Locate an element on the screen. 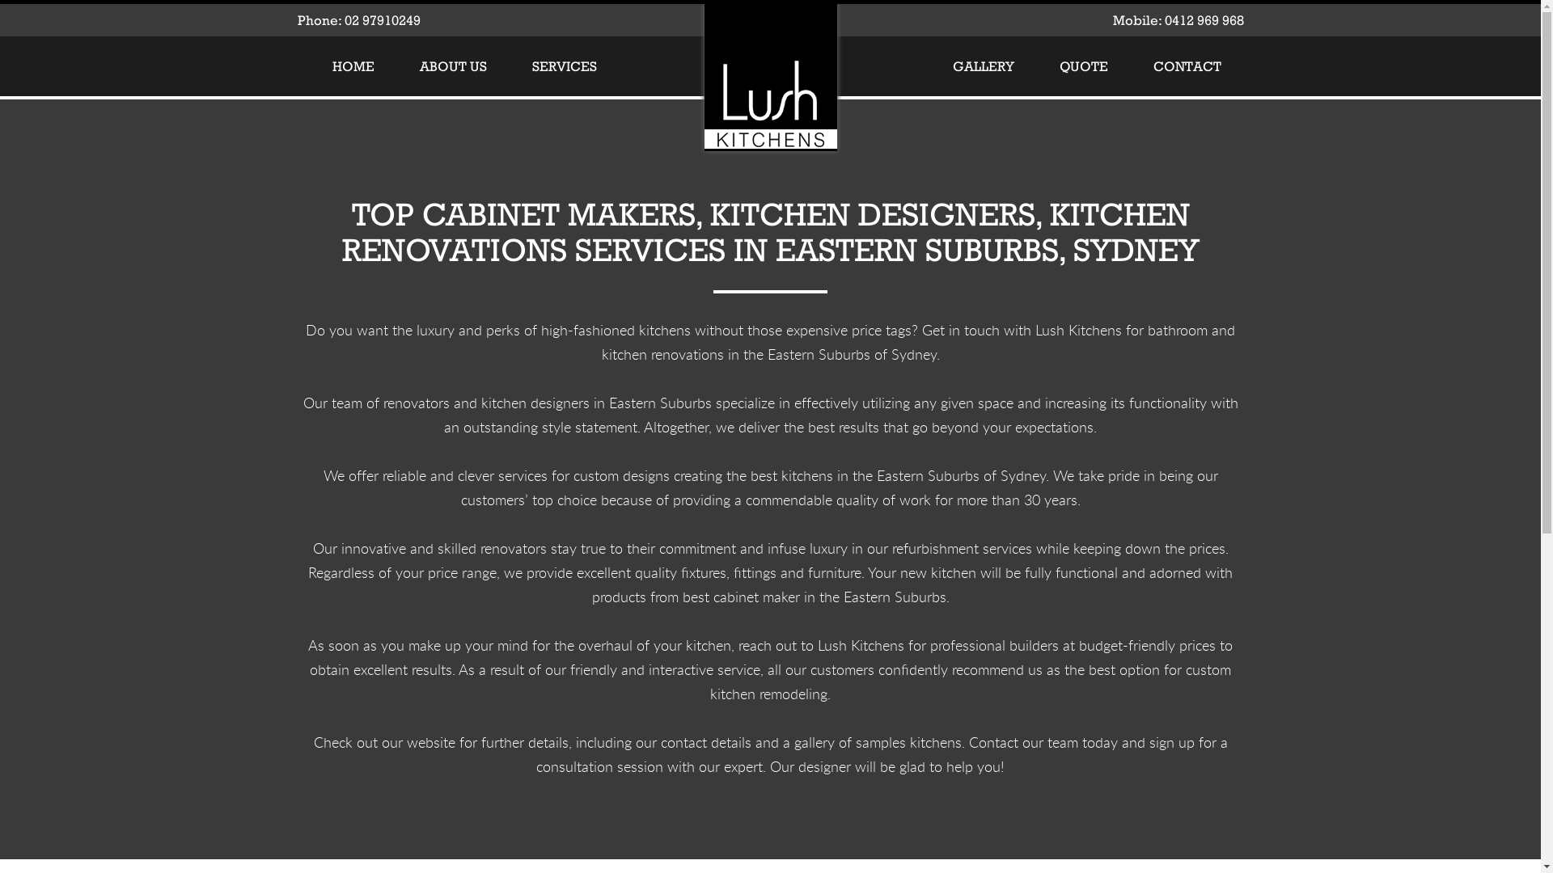 The image size is (1553, 873). 'CONTACT' is located at coordinates (1187, 65).